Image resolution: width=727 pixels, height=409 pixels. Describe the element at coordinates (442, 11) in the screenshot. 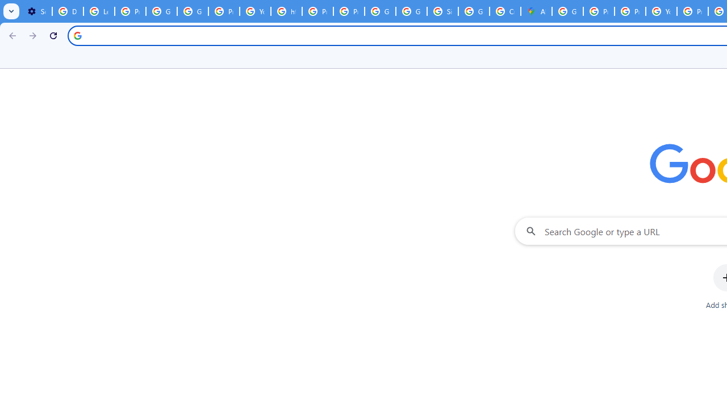

I see `'Sign in - Google Accounts'` at that location.